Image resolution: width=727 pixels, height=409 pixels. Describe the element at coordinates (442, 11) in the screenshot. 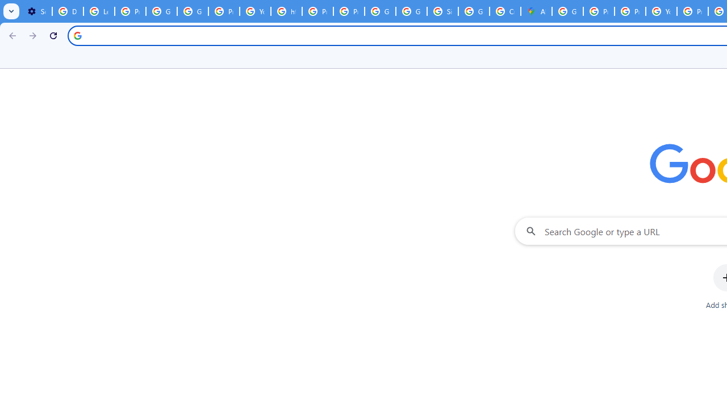

I see `'Sign in - Google Accounts'` at that location.